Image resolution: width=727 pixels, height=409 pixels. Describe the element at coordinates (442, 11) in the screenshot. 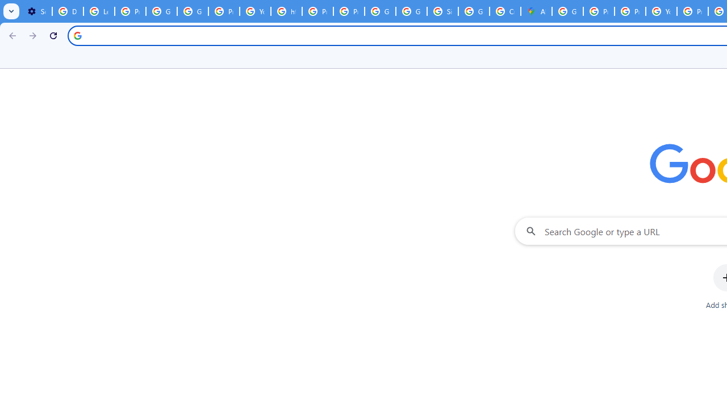

I see `'Sign in - Google Accounts'` at that location.